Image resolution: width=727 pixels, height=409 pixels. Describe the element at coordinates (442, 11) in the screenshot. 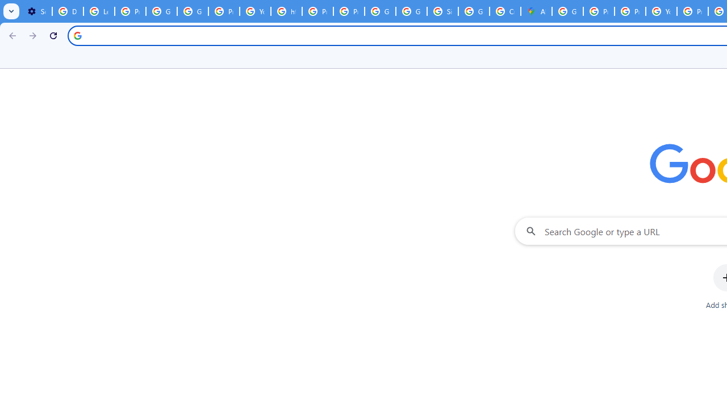

I see `'Sign in - Google Accounts'` at that location.